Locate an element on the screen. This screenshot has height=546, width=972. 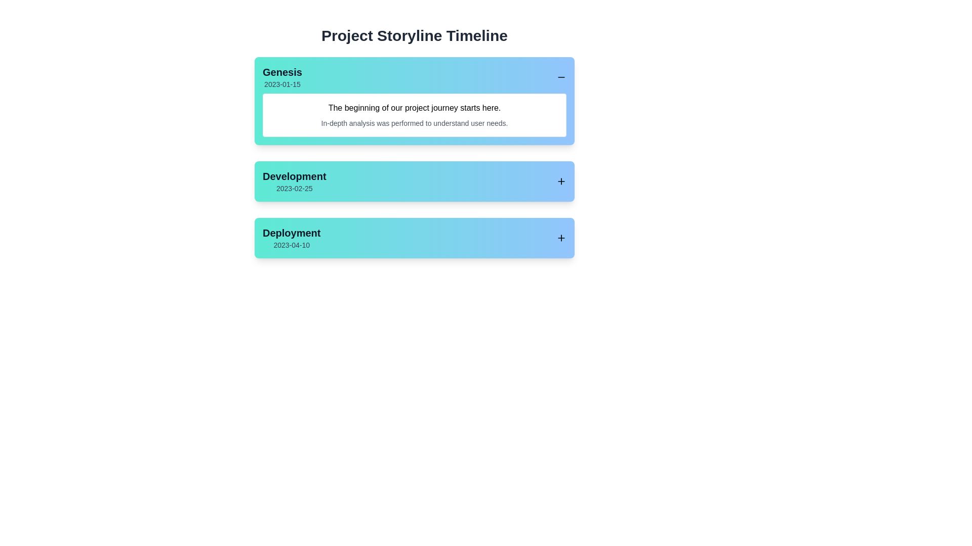
information displayed in the Text Display element located in the 'Deployment' section, which shows the title and date of a project phase is located at coordinates (291, 238).